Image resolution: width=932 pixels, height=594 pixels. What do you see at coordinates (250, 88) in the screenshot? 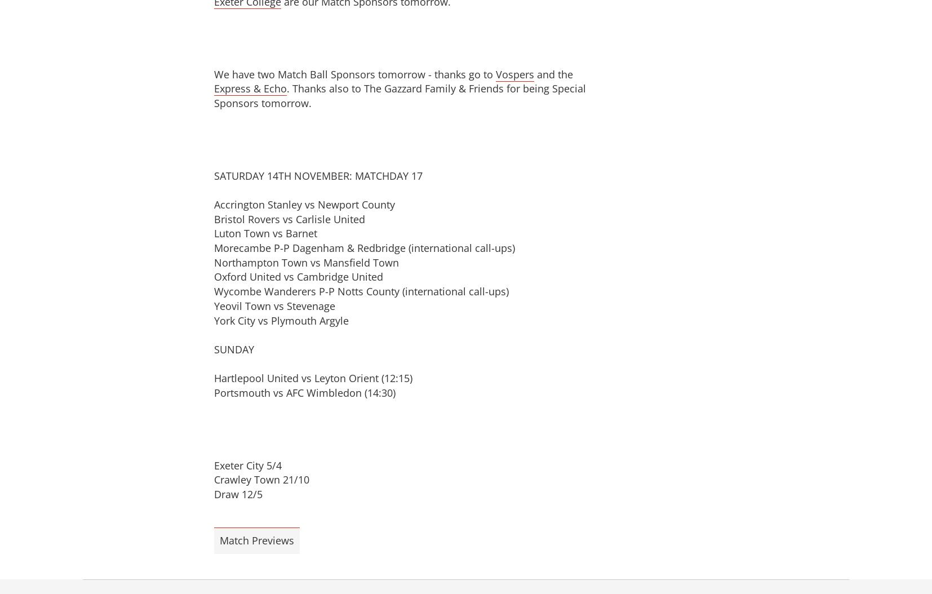
I see `'Express & Echo'` at bounding box center [250, 88].